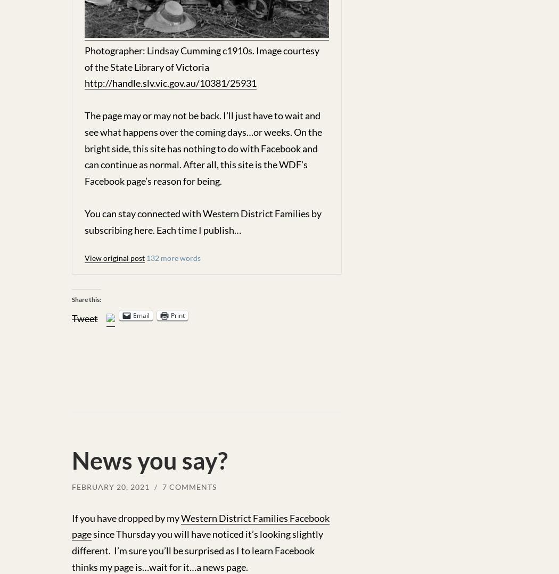  Describe the element at coordinates (157, 487) in the screenshot. I see `'/'` at that location.